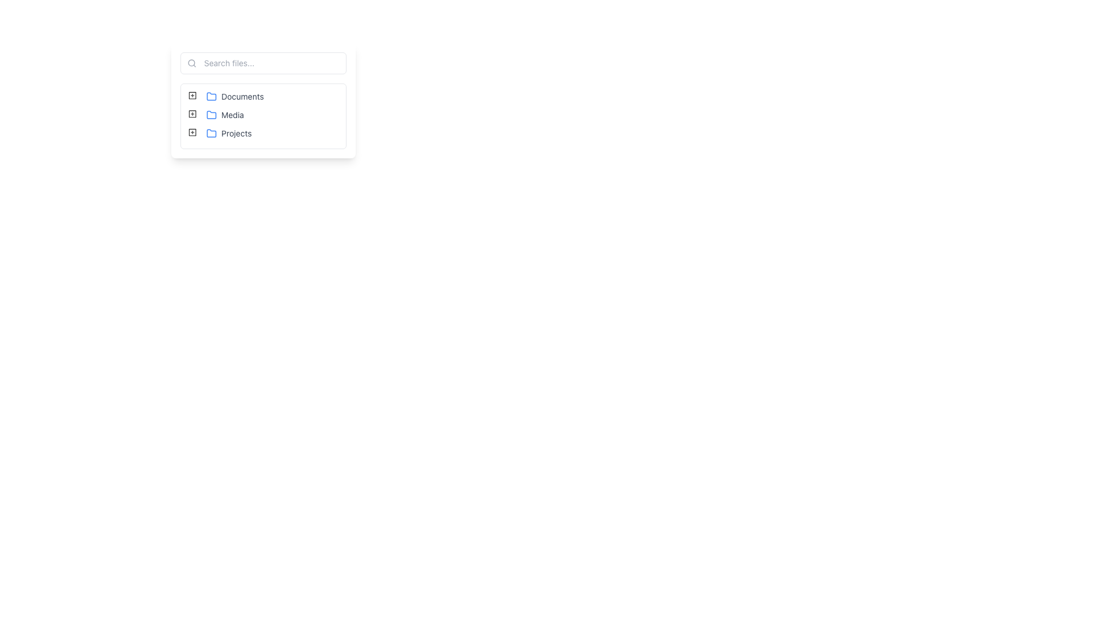  What do you see at coordinates (211, 96) in the screenshot?
I see `the folder icon with a blue border located to the left of the text 'Documents' in the list of folder names` at bounding box center [211, 96].